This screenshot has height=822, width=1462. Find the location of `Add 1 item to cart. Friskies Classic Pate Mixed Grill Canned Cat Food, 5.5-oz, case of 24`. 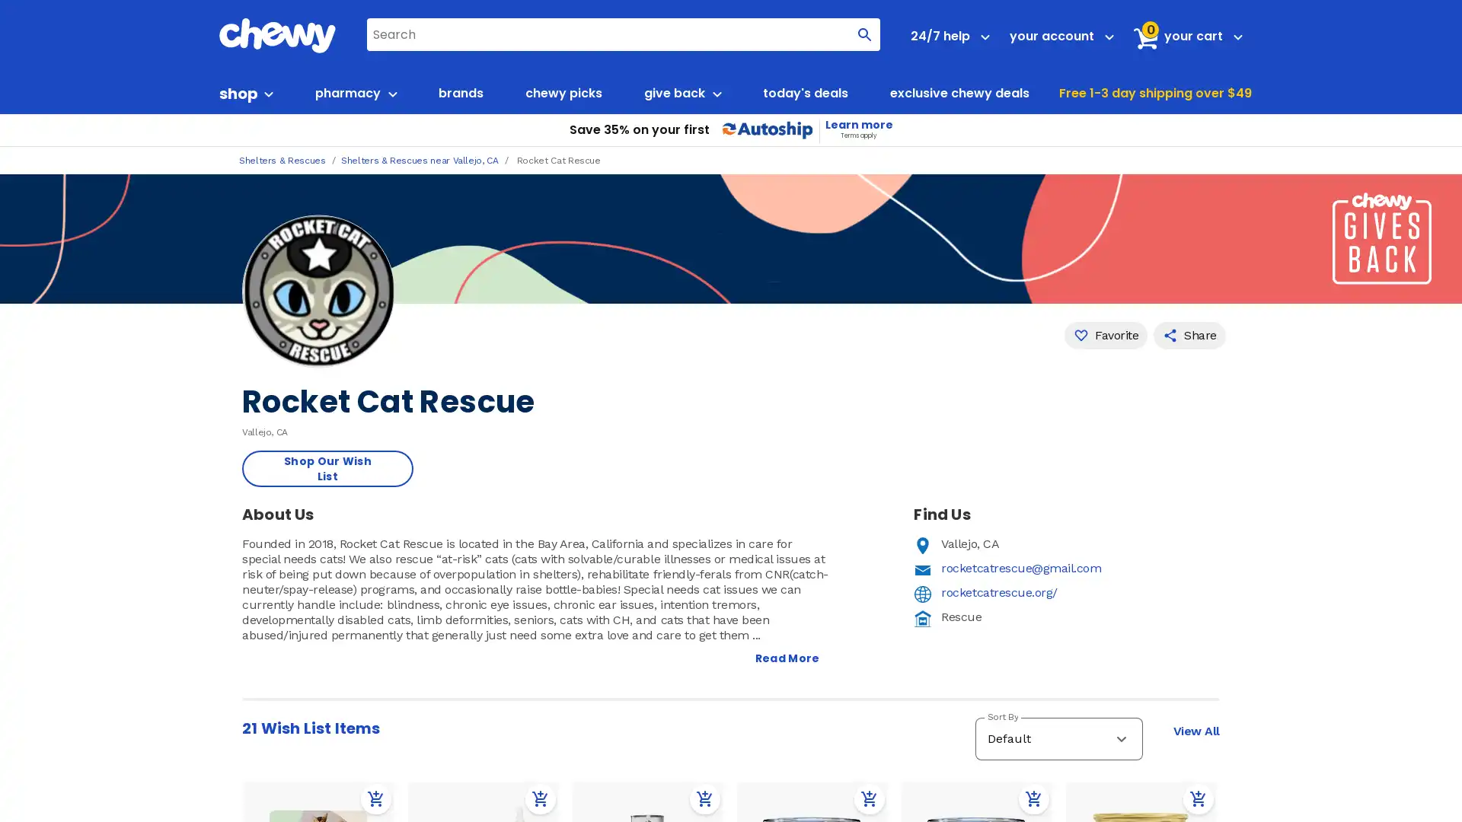

Add 1 item to cart. Friskies Classic Pate Mixed Grill Canned Cat Food, 5.5-oz, case of 24 is located at coordinates (870, 798).